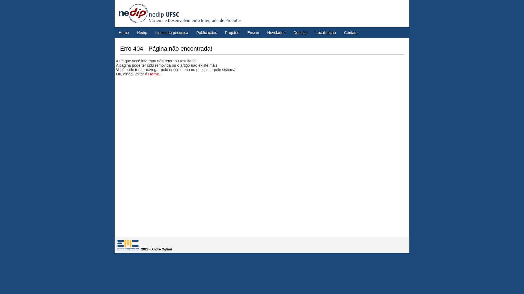 This screenshot has width=524, height=294. I want to click on 'Home', so click(148, 74).